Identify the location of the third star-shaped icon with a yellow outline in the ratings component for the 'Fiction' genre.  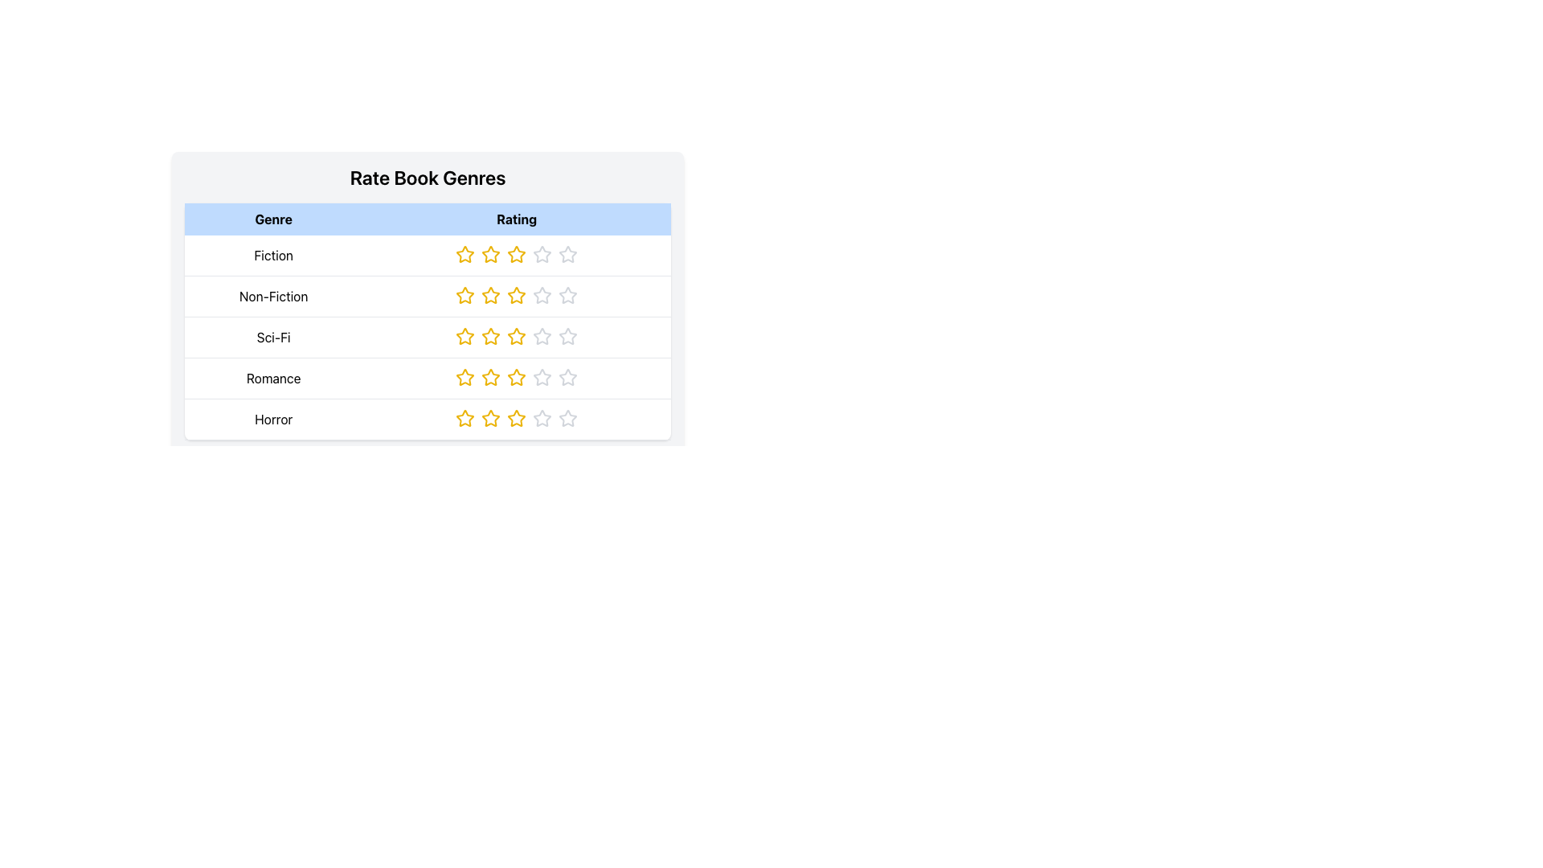
(517, 253).